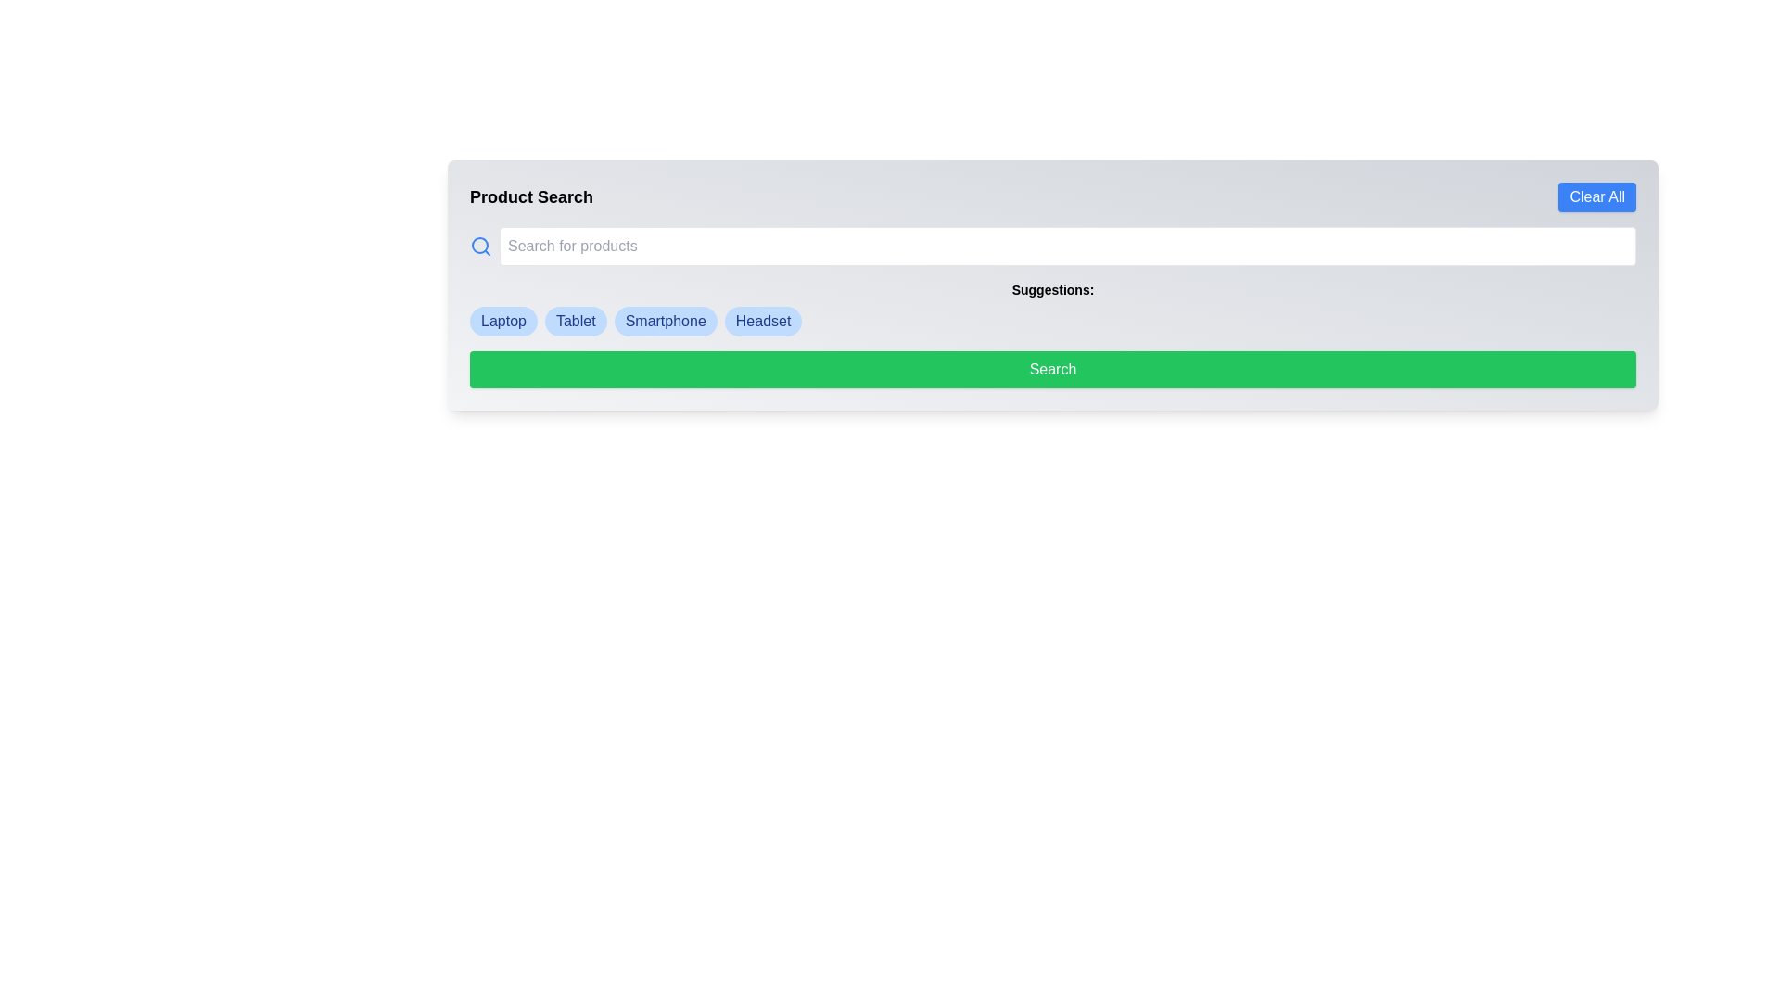 The height and width of the screenshot is (1001, 1780). What do you see at coordinates (1053, 369) in the screenshot?
I see `the green 'Search' button with white text located below the 'Suggestions' section` at bounding box center [1053, 369].